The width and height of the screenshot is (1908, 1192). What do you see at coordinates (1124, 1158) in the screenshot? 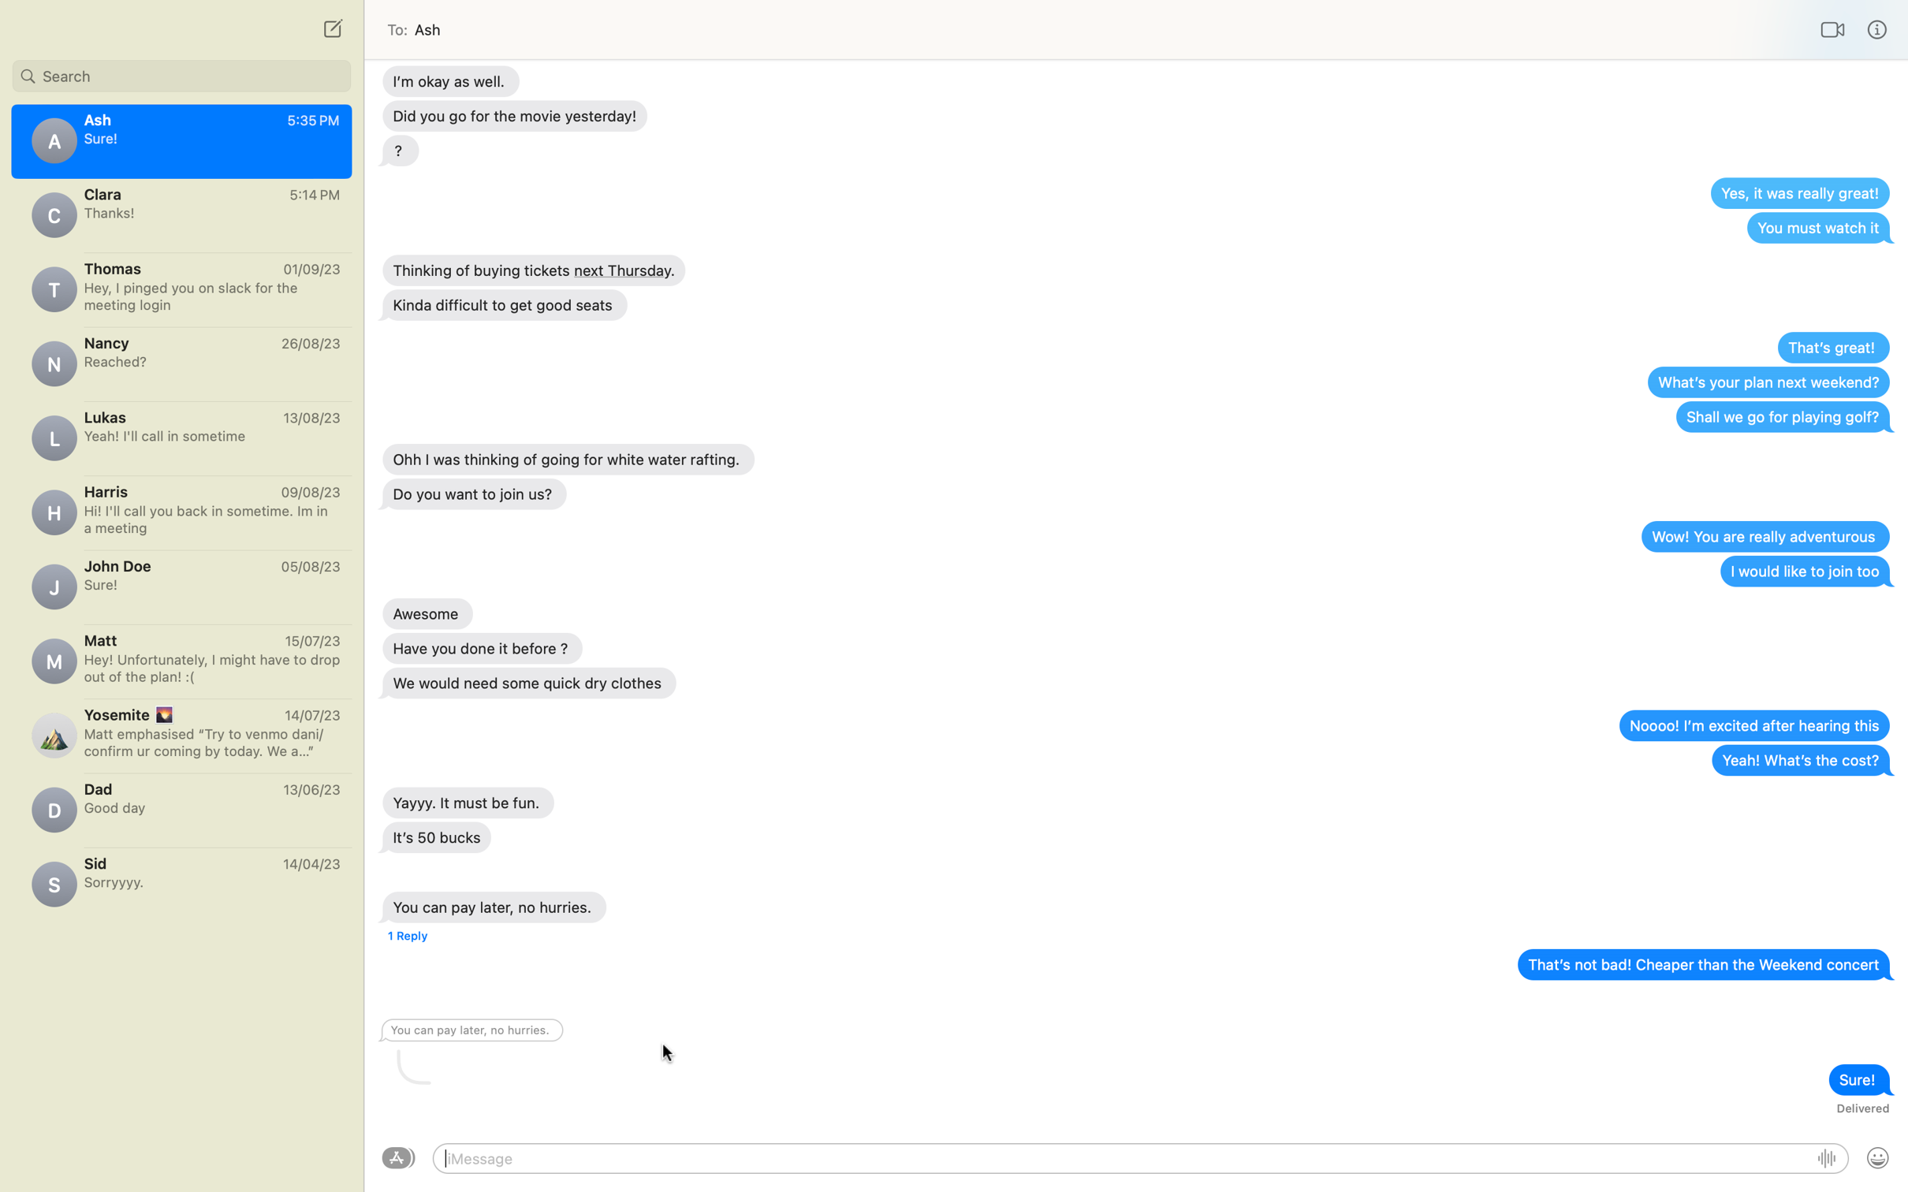
I see `Send Ash a greeting "Good Day"` at bounding box center [1124, 1158].